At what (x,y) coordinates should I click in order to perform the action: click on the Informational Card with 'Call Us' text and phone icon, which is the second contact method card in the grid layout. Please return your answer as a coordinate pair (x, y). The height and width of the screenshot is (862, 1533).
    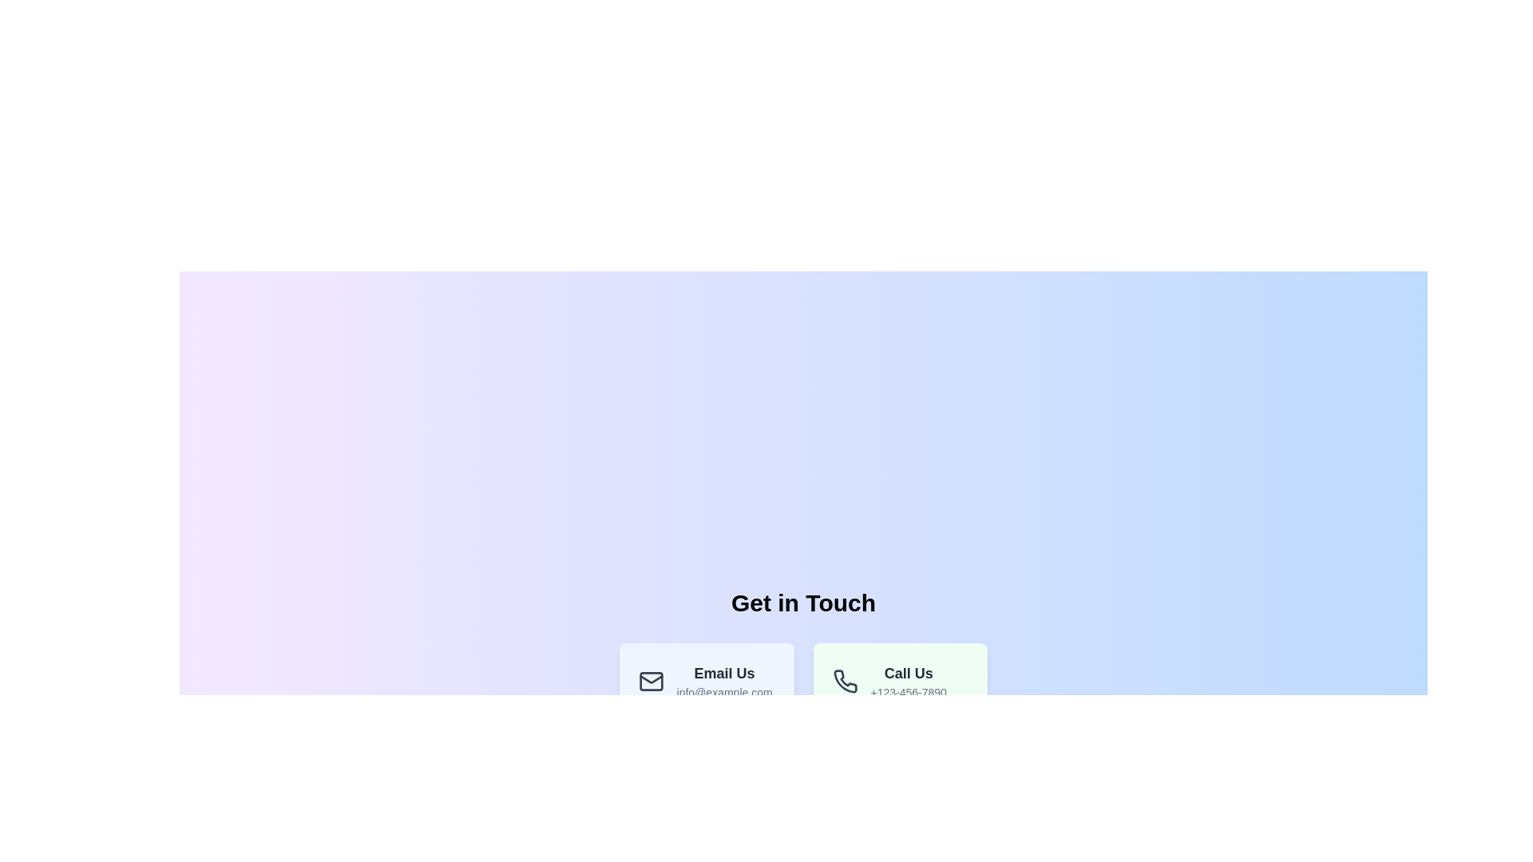
    Looking at the image, I should click on (901, 681).